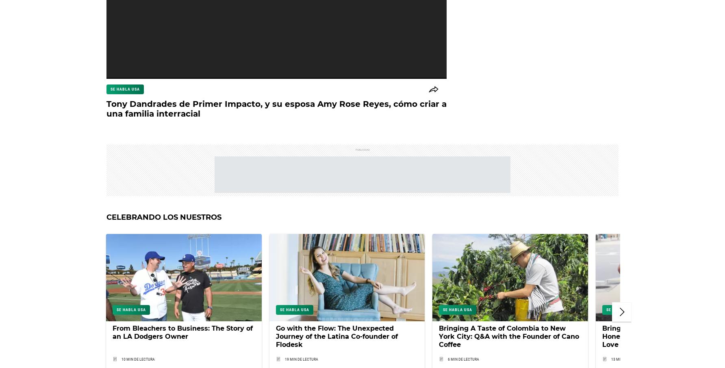 This screenshot has height=368, width=725. What do you see at coordinates (627, 359) in the screenshot?
I see `'13 min de lectura'` at bounding box center [627, 359].